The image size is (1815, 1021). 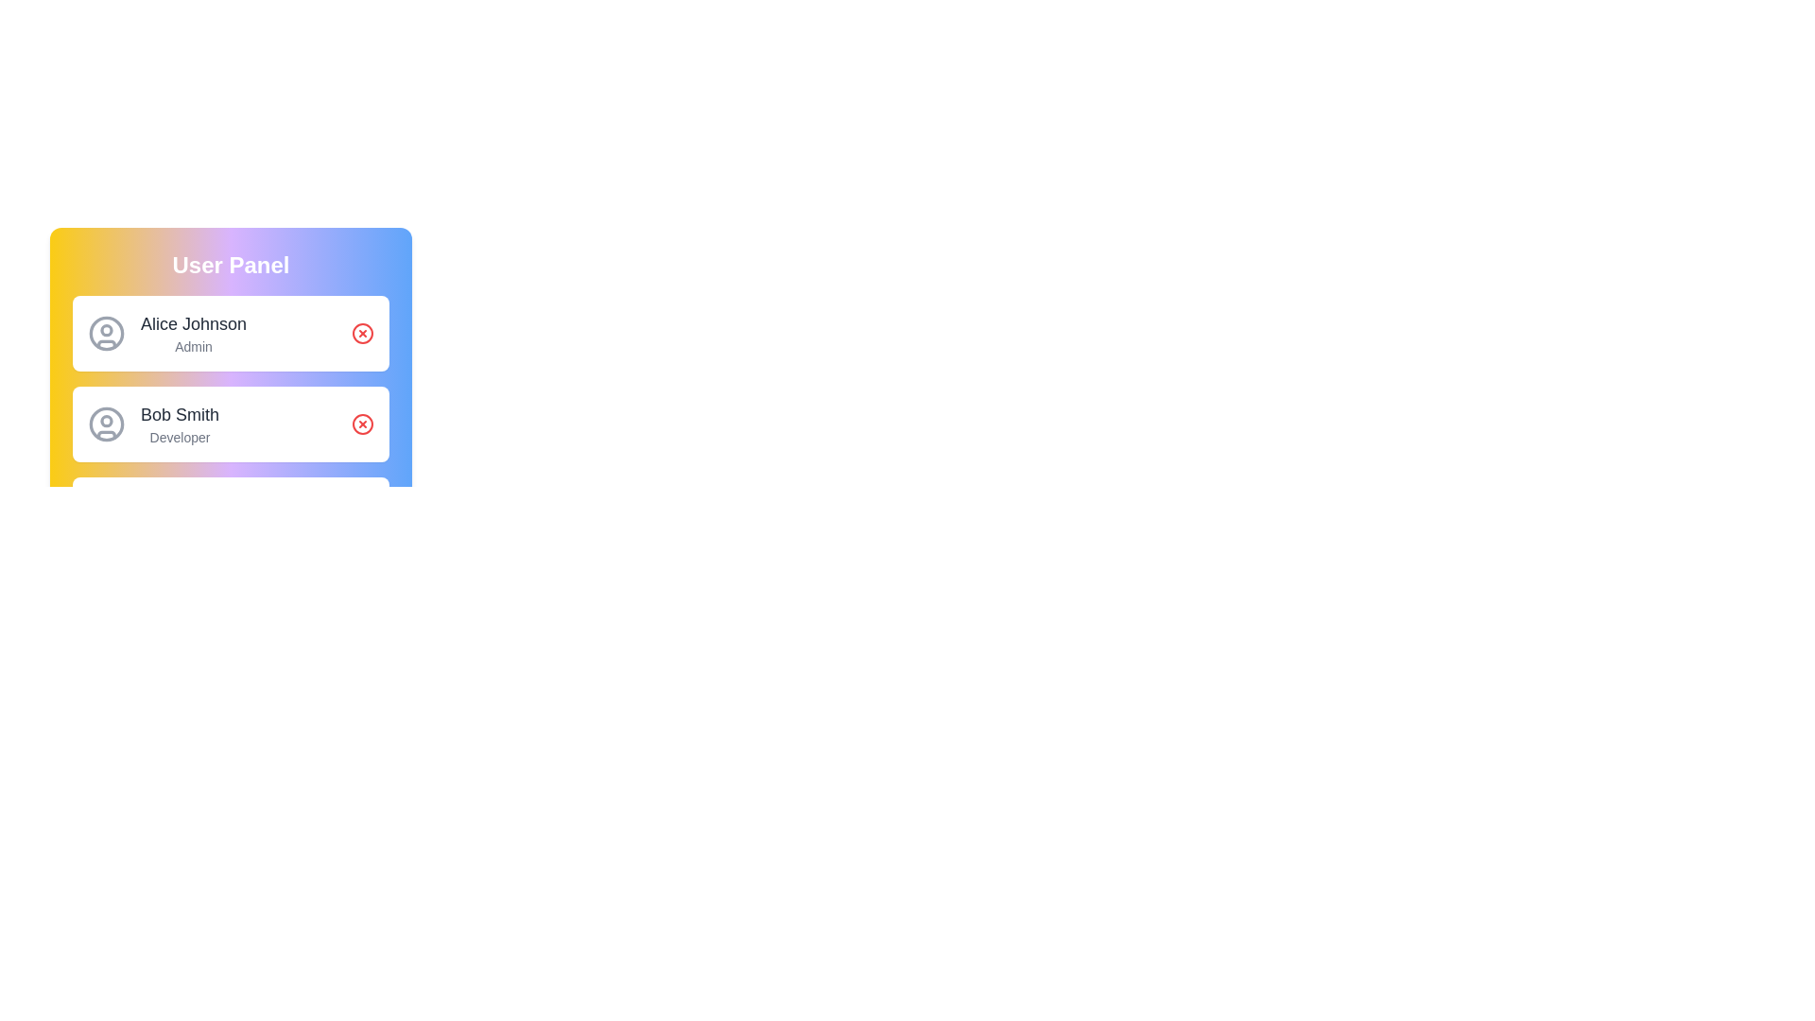 I want to click on the small circular decorative graphic element located inside the larger user icon circle, which resembles a head within a silhouette, so click(x=106, y=328).